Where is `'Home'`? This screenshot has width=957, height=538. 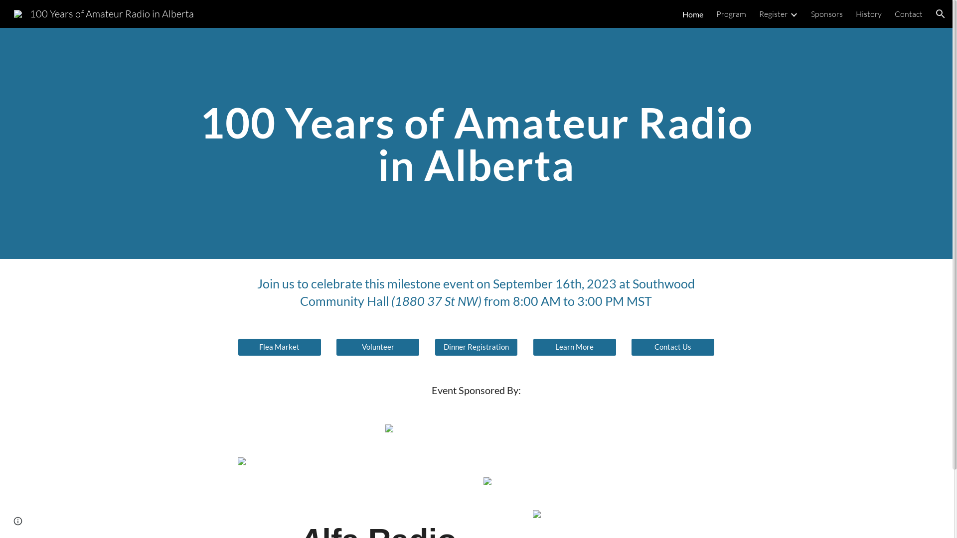 'Home' is located at coordinates (692, 13).